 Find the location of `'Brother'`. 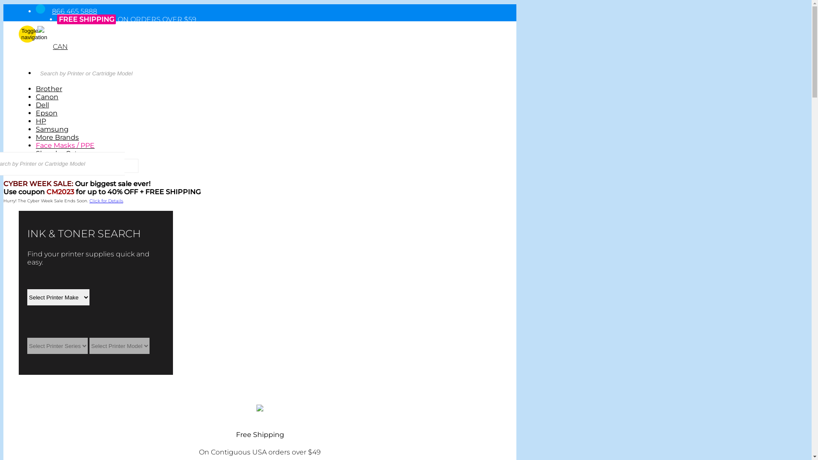

'Brother' is located at coordinates (49, 89).